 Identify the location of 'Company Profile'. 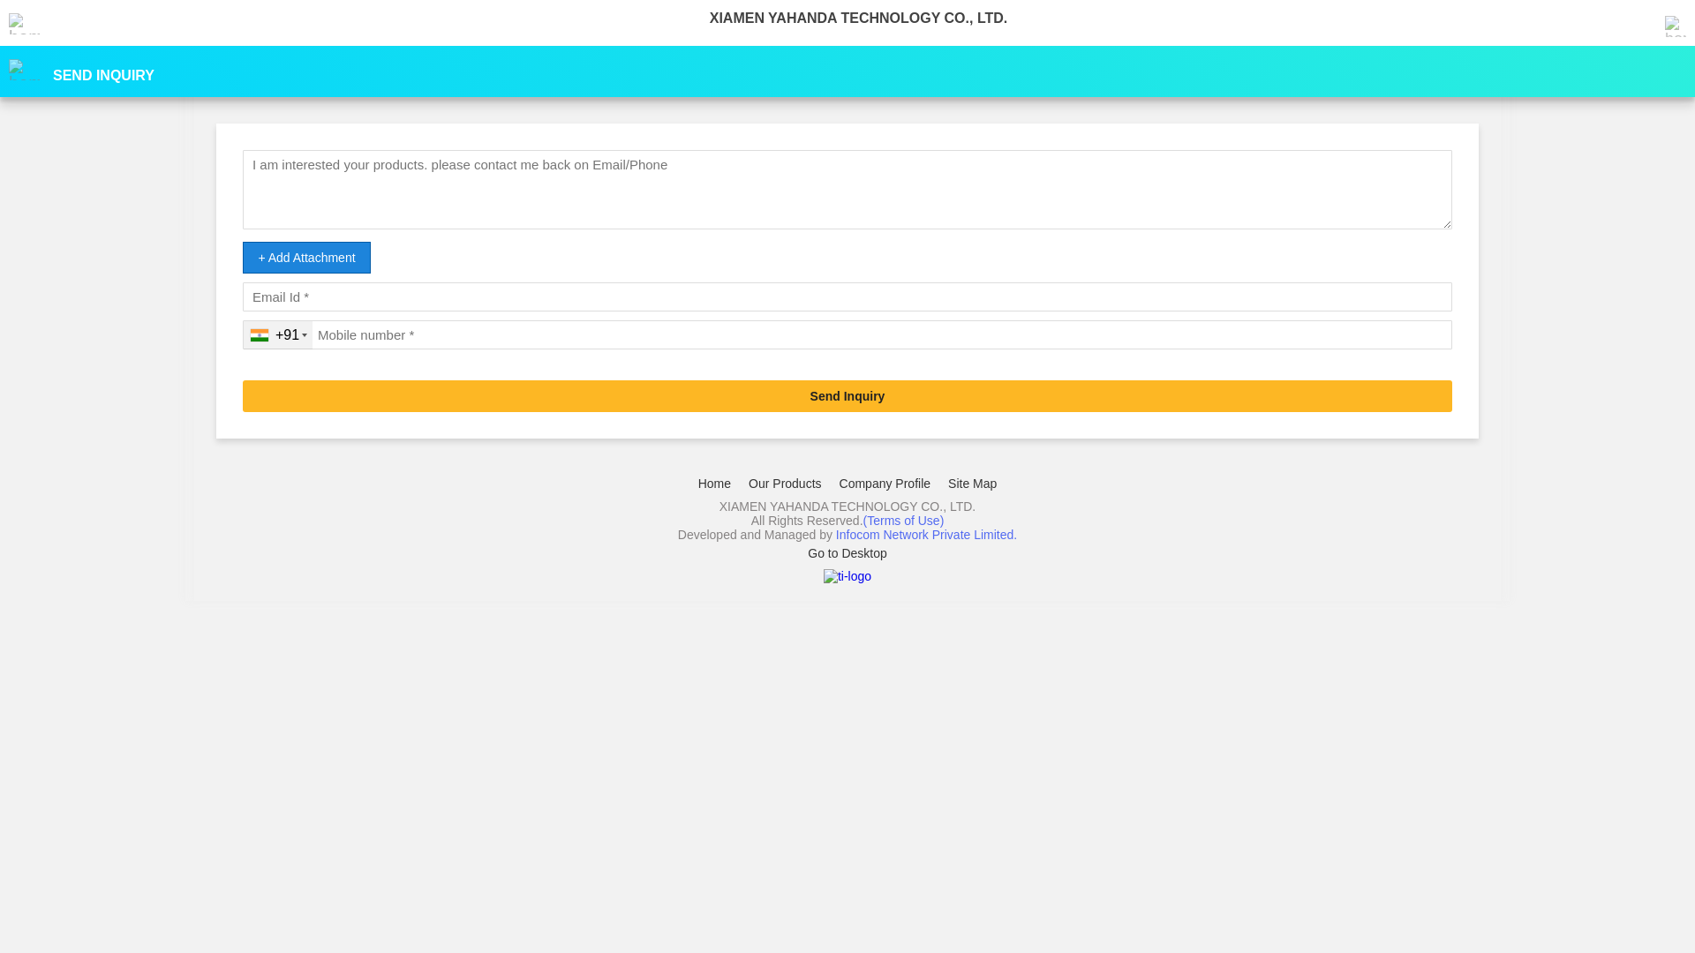
(885, 483).